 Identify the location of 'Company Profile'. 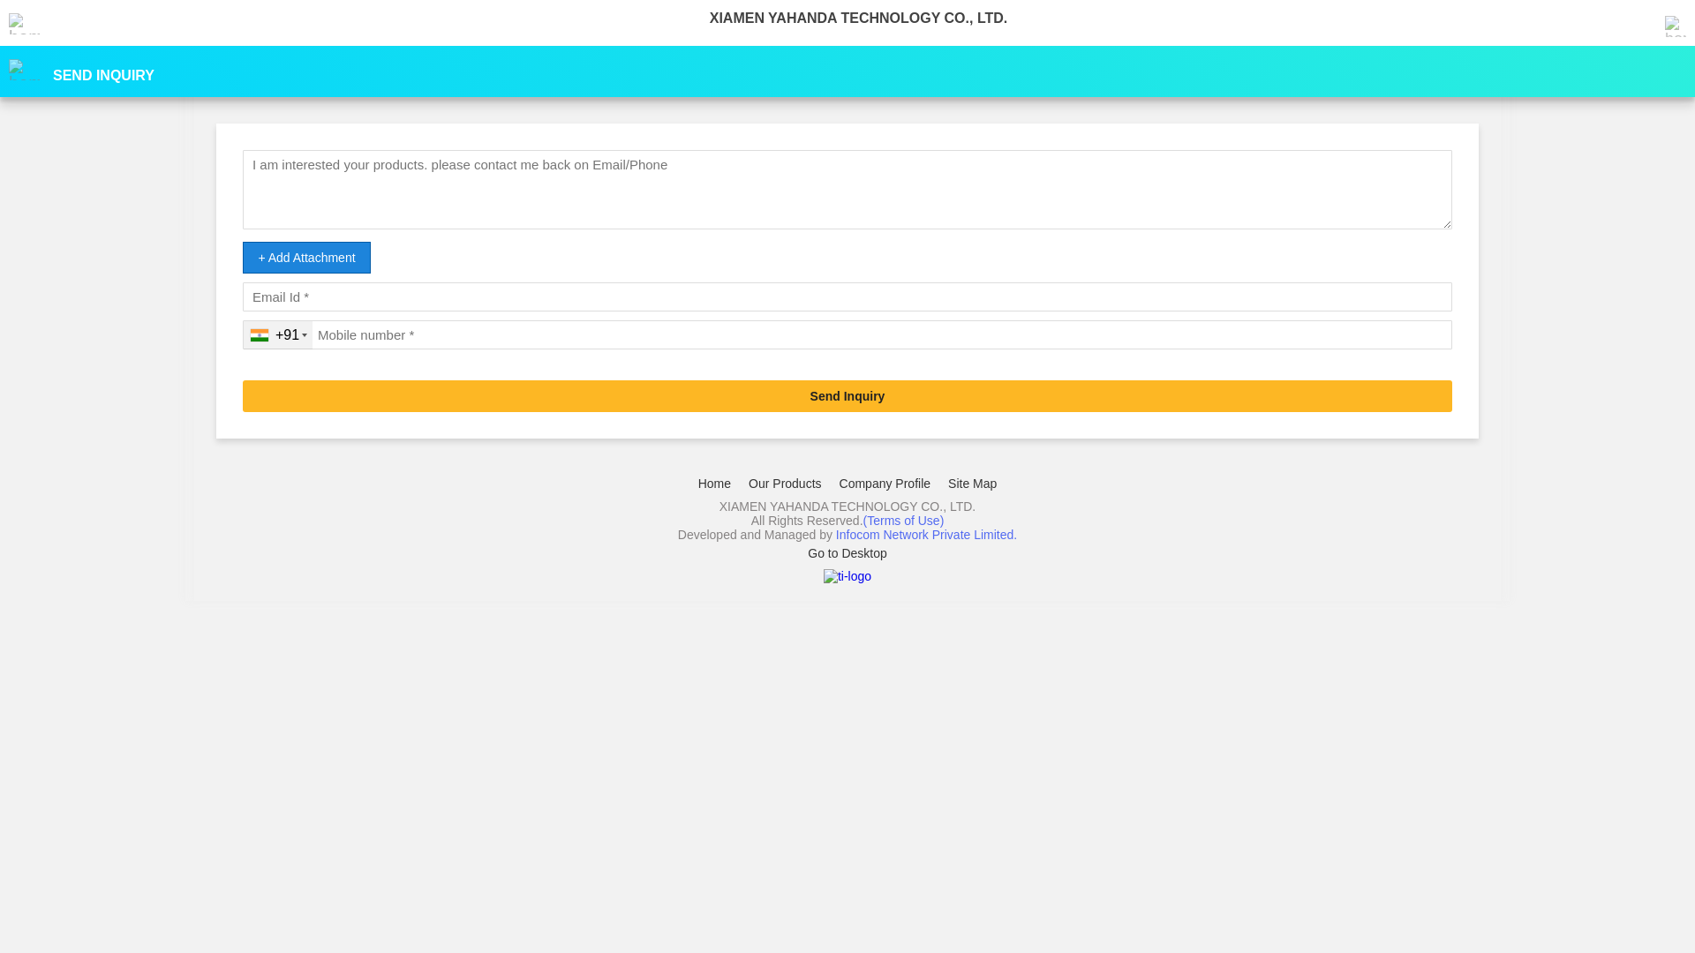
(885, 483).